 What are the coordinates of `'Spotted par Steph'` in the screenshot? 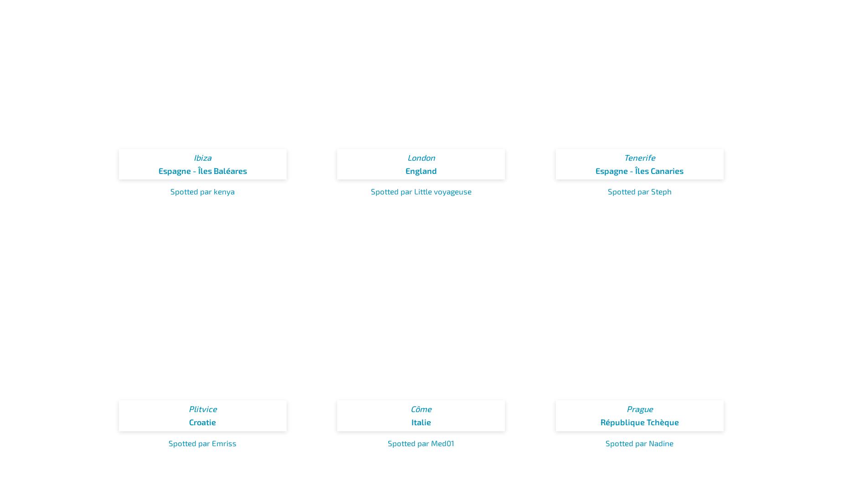 It's located at (639, 191).